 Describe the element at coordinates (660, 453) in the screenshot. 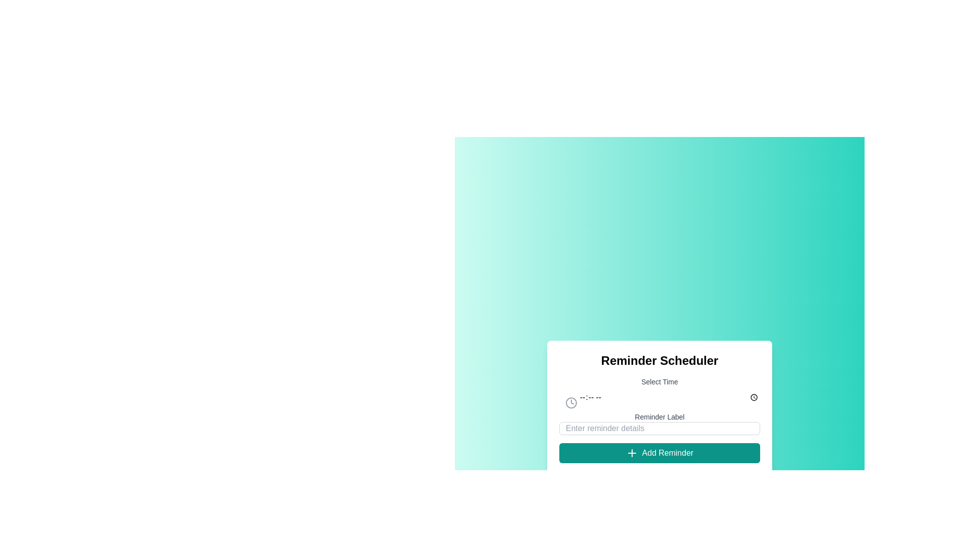

I see `the 'Add Reminder' button located at the bottom of the 'Reminder Scheduler' card, directly below the 'Reminder Label' input box` at that location.